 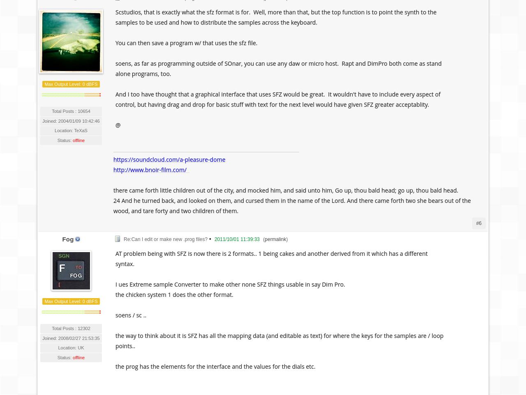 What do you see at coordinates (62, 239) in the screenshot?
I see `'Fog'` at bounding box center [62, 239].